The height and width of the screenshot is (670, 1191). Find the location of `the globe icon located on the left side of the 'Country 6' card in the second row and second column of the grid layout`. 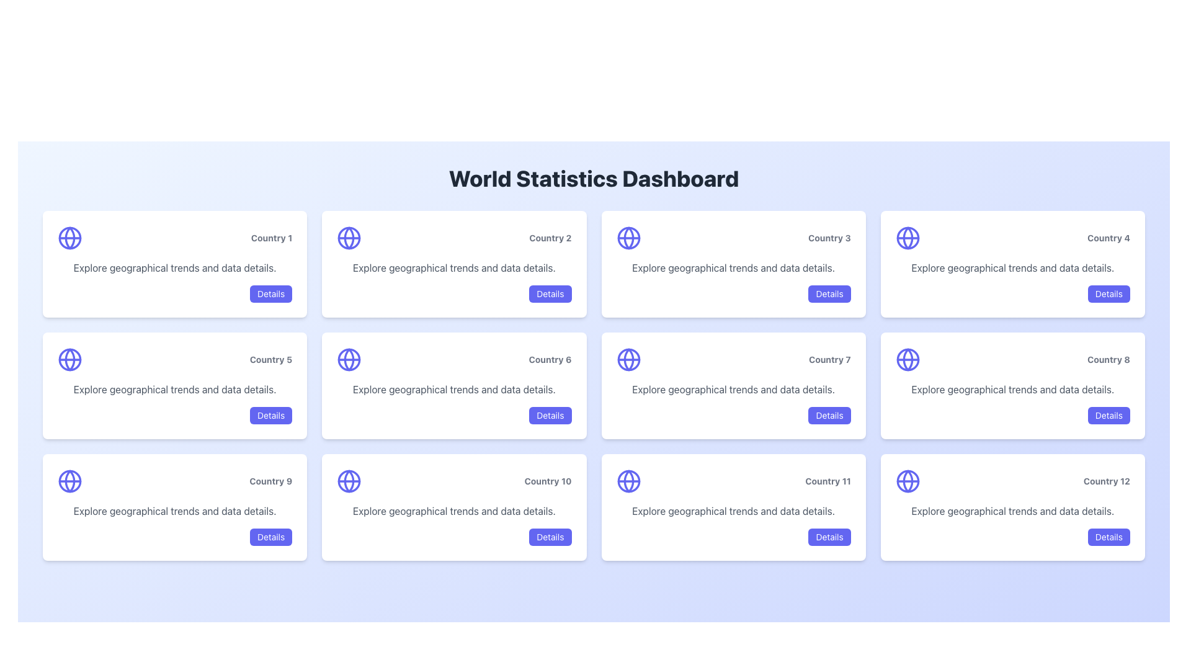

the globe icon located on the left side of the 'Country 6' card in the second row and second column of the grid layout is located at coordinates (349, 359).